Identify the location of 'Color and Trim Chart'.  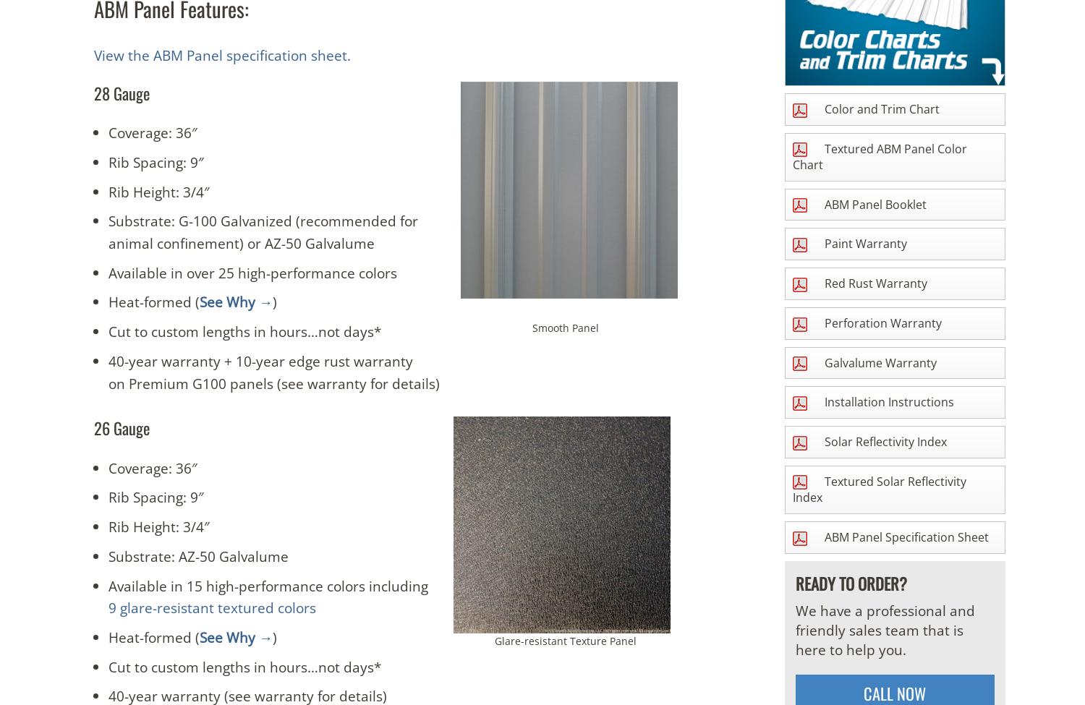
(879, 107).